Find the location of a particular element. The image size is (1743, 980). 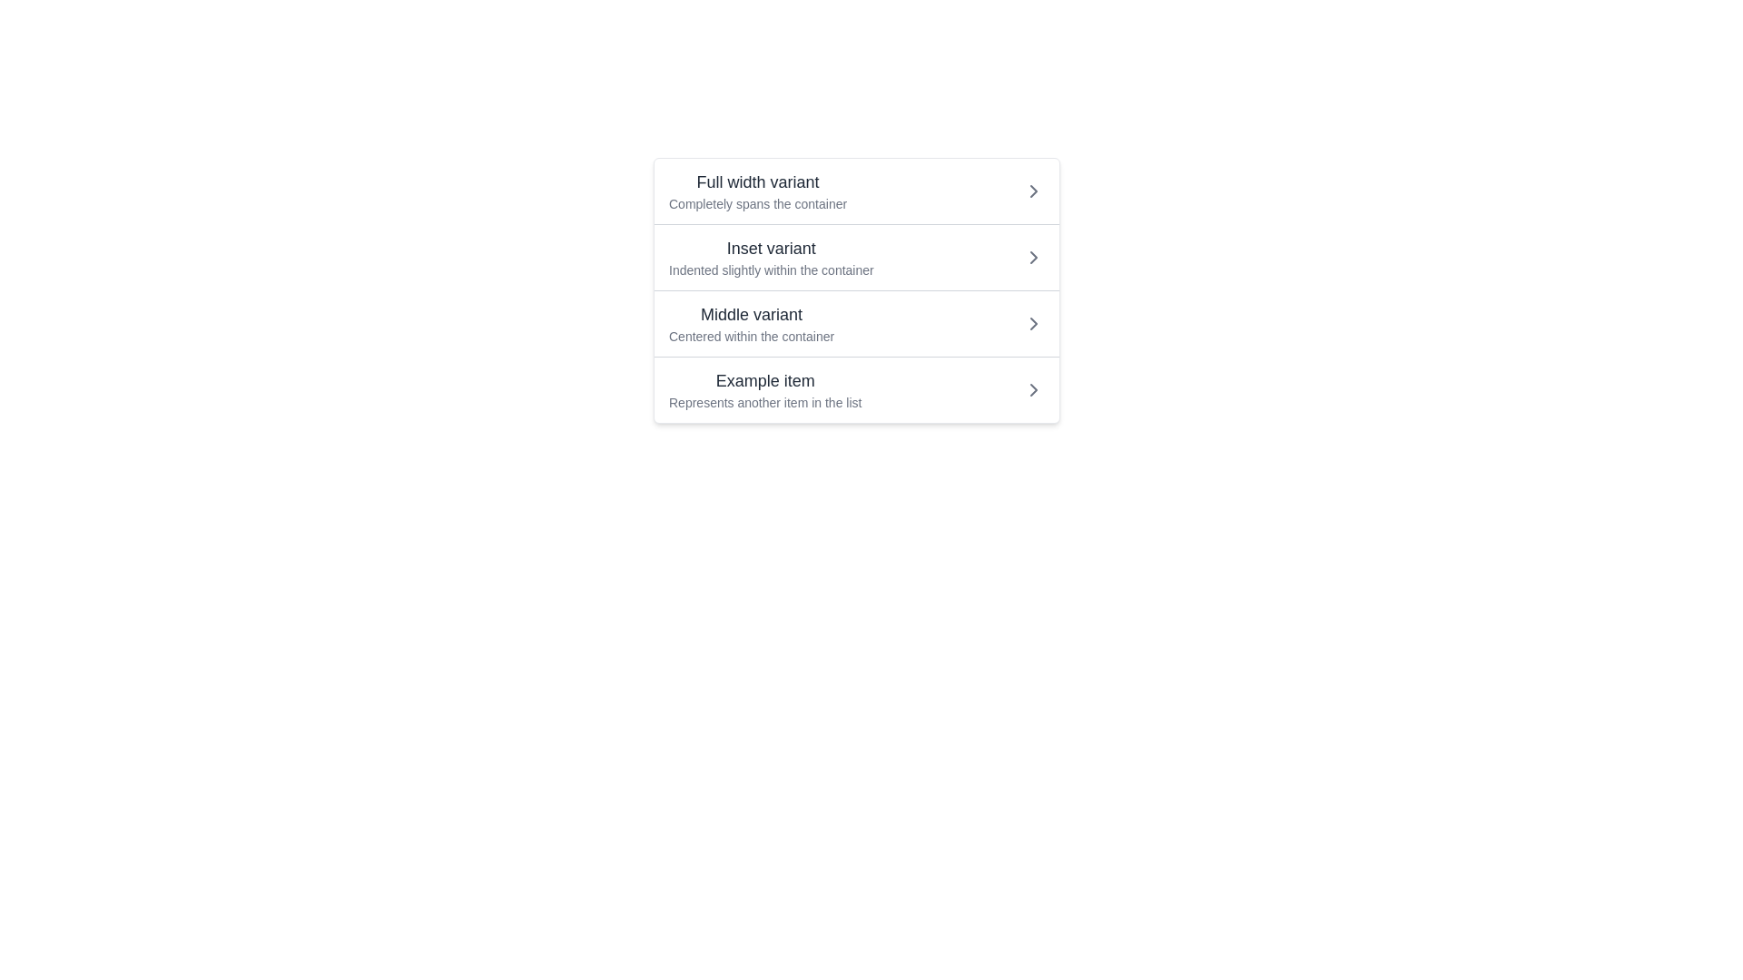

the list item labeled 'Example item' is located at coordinates (765, 388).